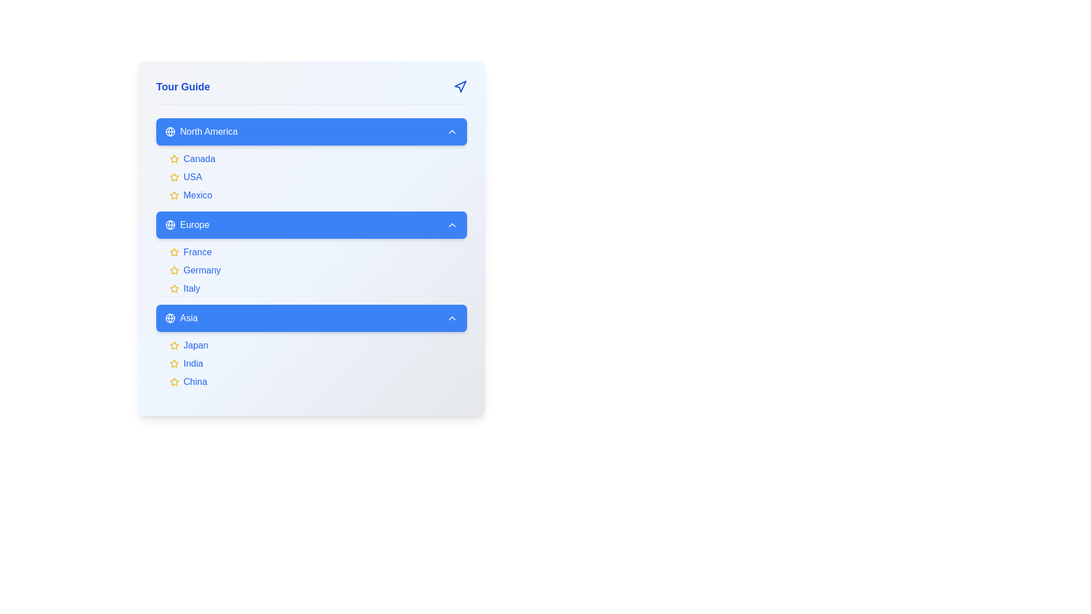  What do you see at coordinates (191, 288) in the screenshot?
I see `the third hyperlink in the 'Europe' section that navigates to the Italy page` at bounding box center [191, 288].